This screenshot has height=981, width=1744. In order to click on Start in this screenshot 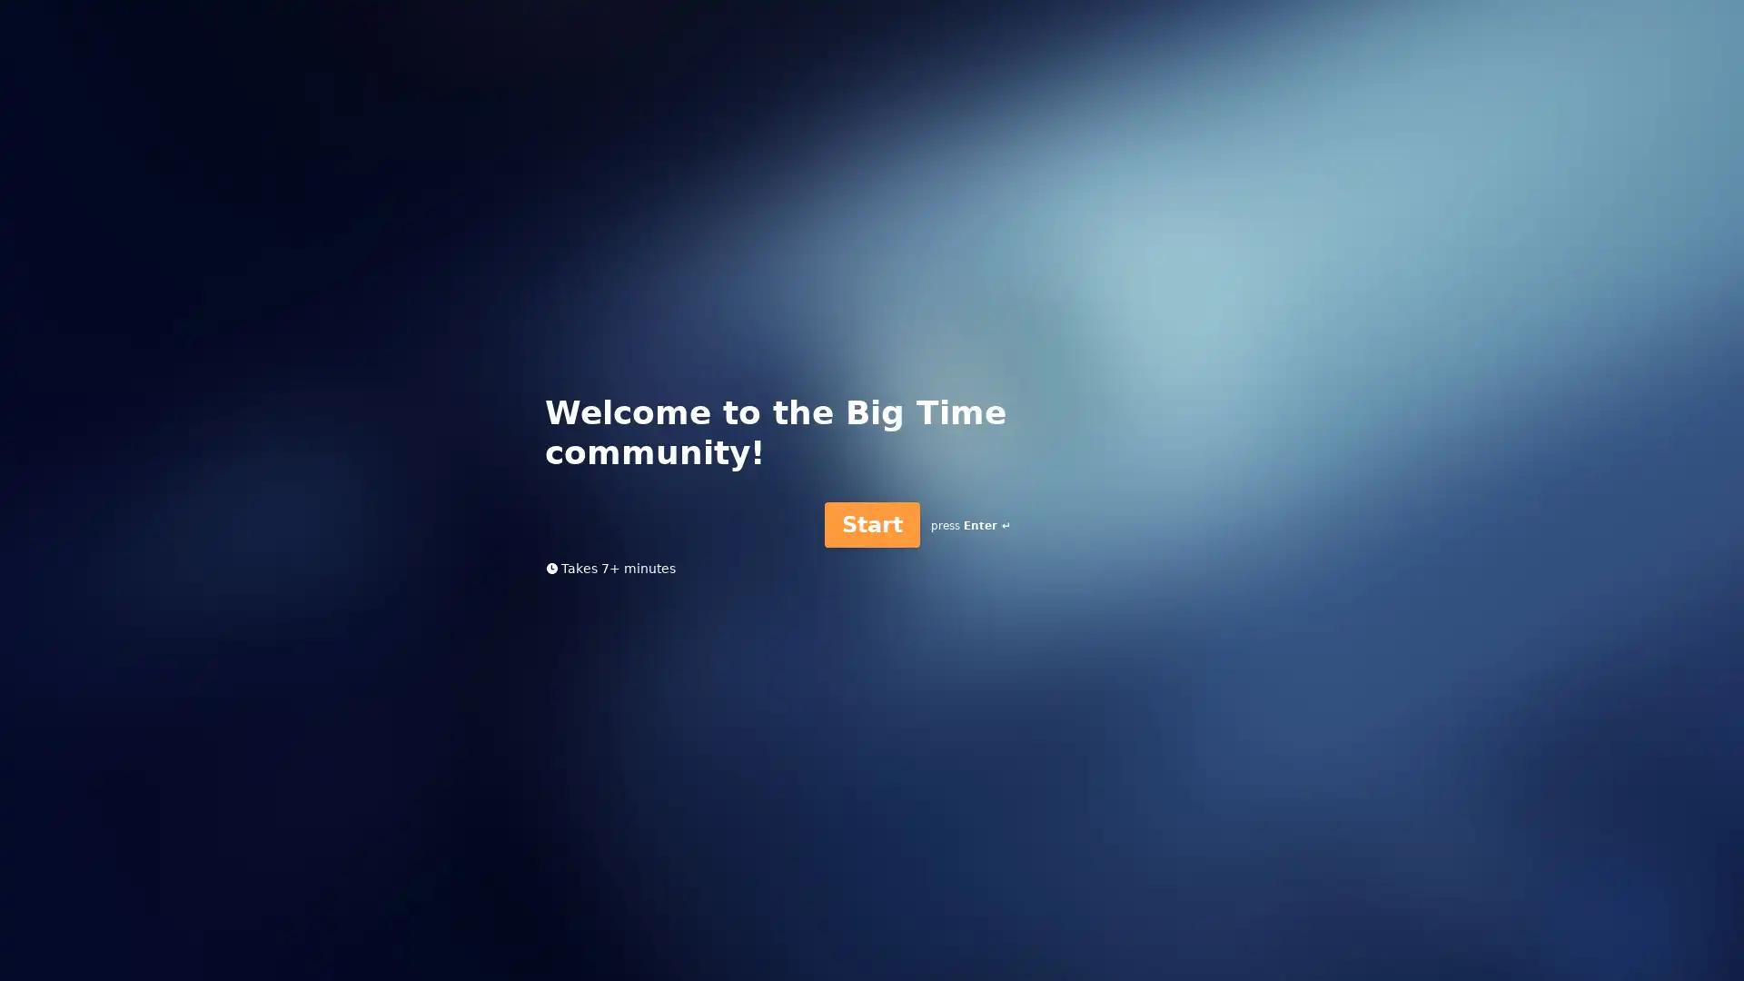, I will do `click(870, 524)`.